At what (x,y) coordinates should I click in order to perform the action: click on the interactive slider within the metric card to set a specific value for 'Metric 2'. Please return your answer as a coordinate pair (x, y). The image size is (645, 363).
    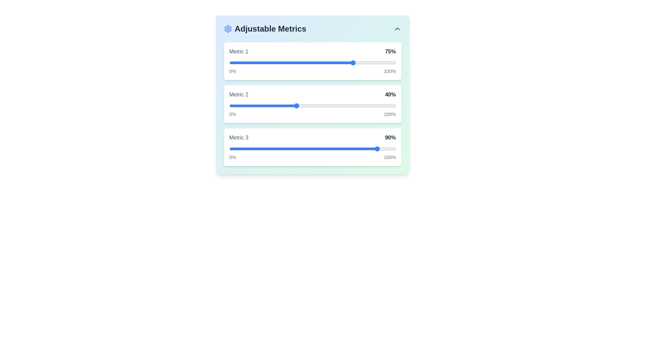
    Looking at the image, I should click on (312, 104).